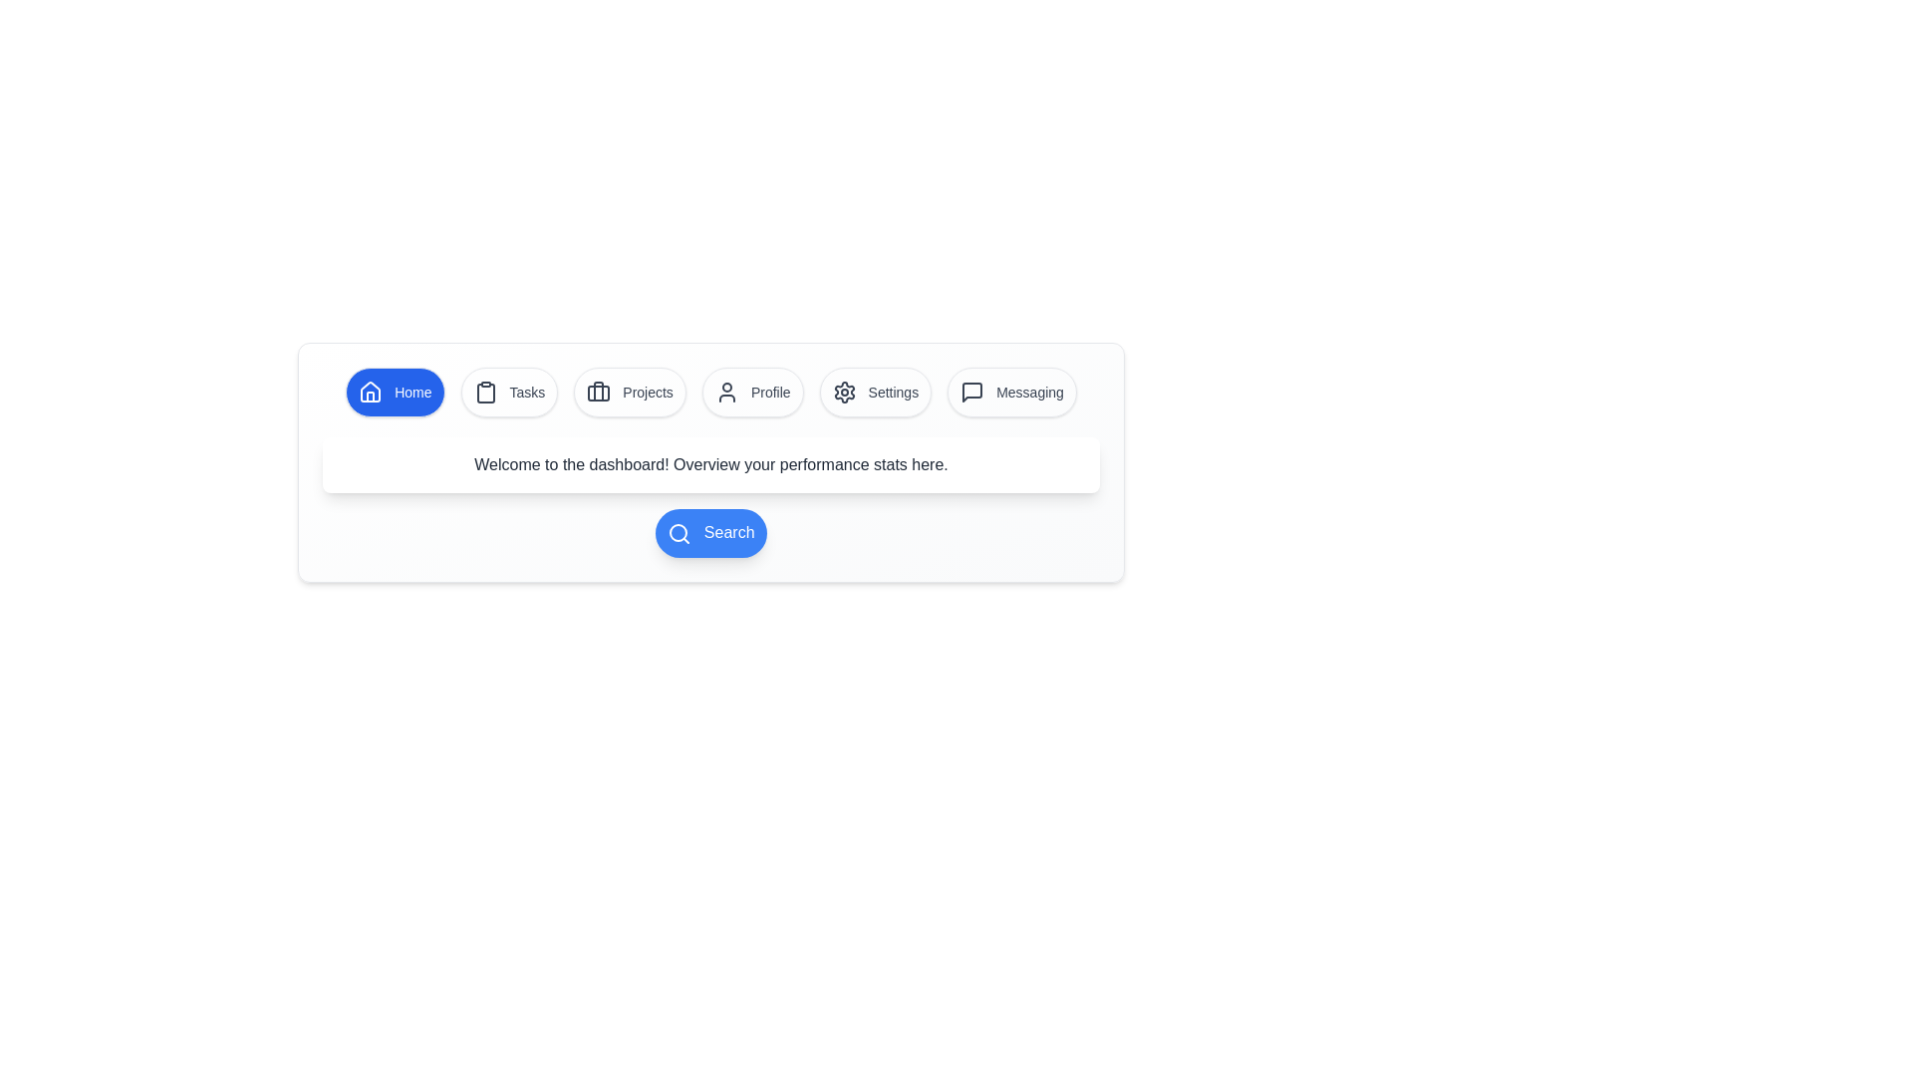 The width and height of the screenshot is (1913, 1076). I want to click on the 'Home' icon located in the navigation bar at the top-left of the interface, which precedes the text 'Home', so click(371, 392).